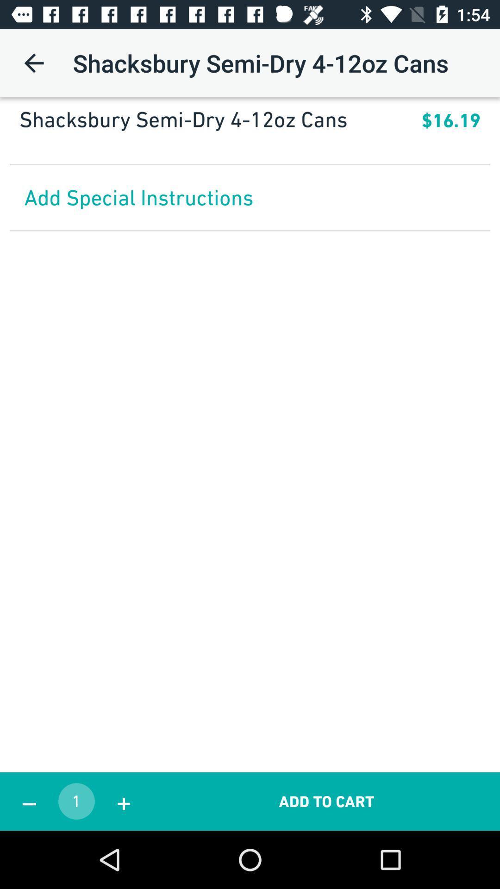 The height and width of the screenshot is (889, 500). What do you see at coordinates (326, 801) in the screenshot?
I see `the button next to the + icon` at bounding box center [326, 801].